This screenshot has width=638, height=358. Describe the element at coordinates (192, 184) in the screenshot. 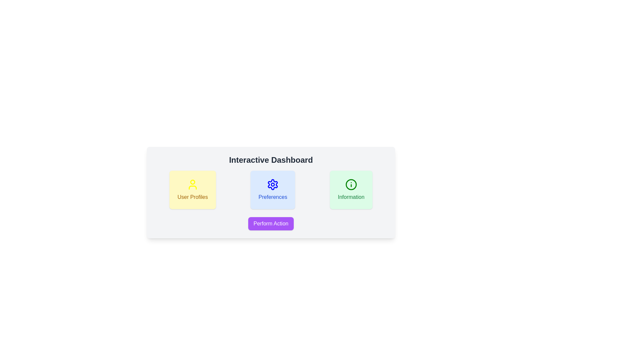

I see `the 'User Profiles' icon located within the yellow rectangular section on the left side of the dashboard, positioned above the visible text 'User Profiles'` at that location.